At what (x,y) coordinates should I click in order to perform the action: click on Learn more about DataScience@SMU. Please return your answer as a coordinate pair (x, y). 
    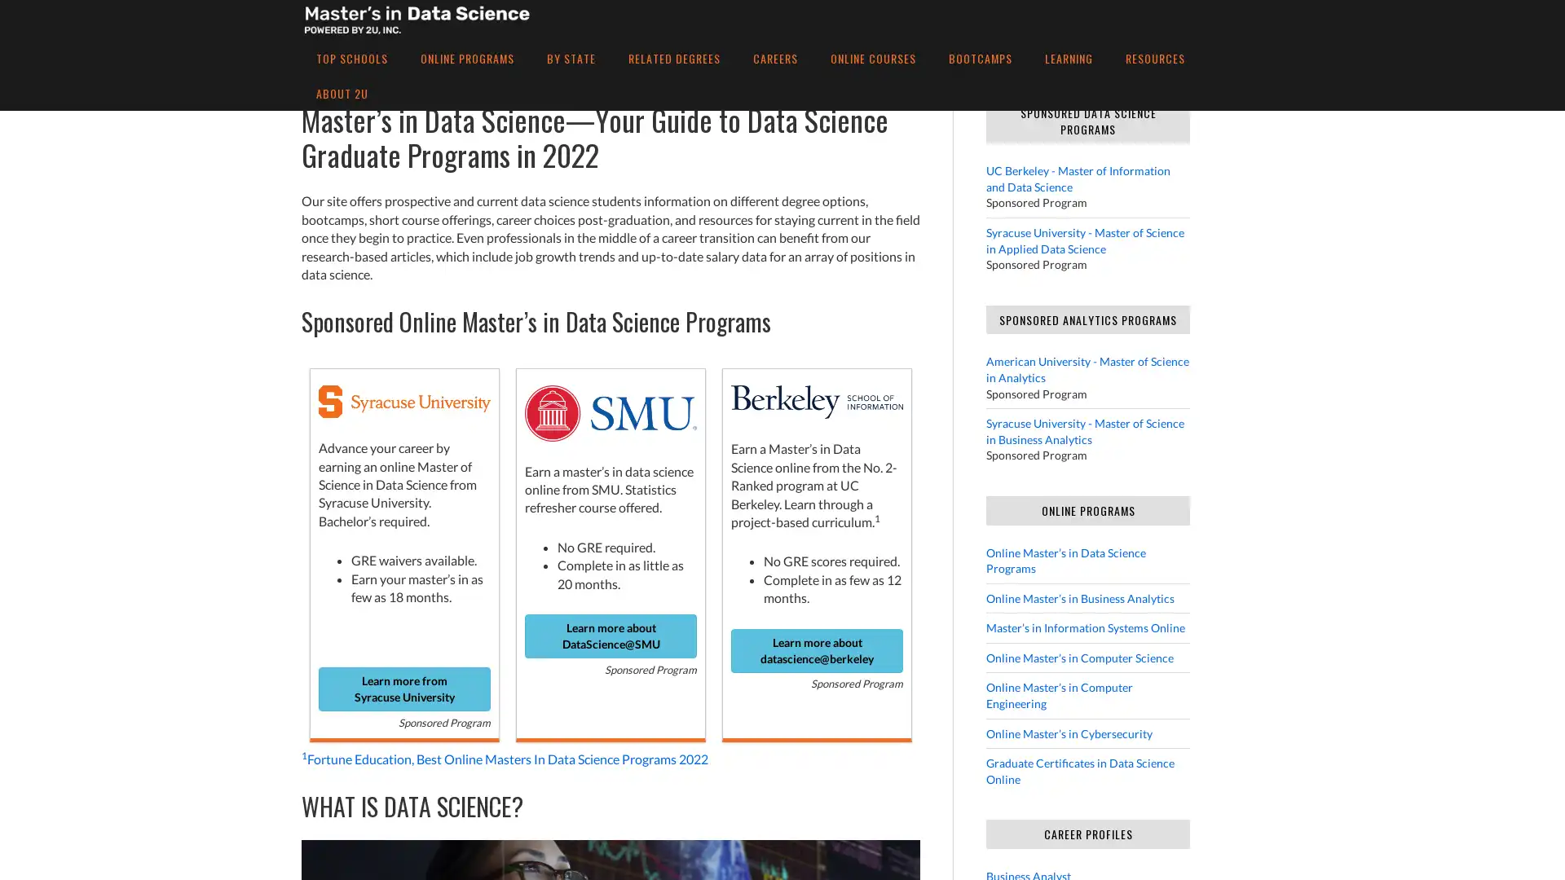
    Looking at the image, I should click on (610, 634).